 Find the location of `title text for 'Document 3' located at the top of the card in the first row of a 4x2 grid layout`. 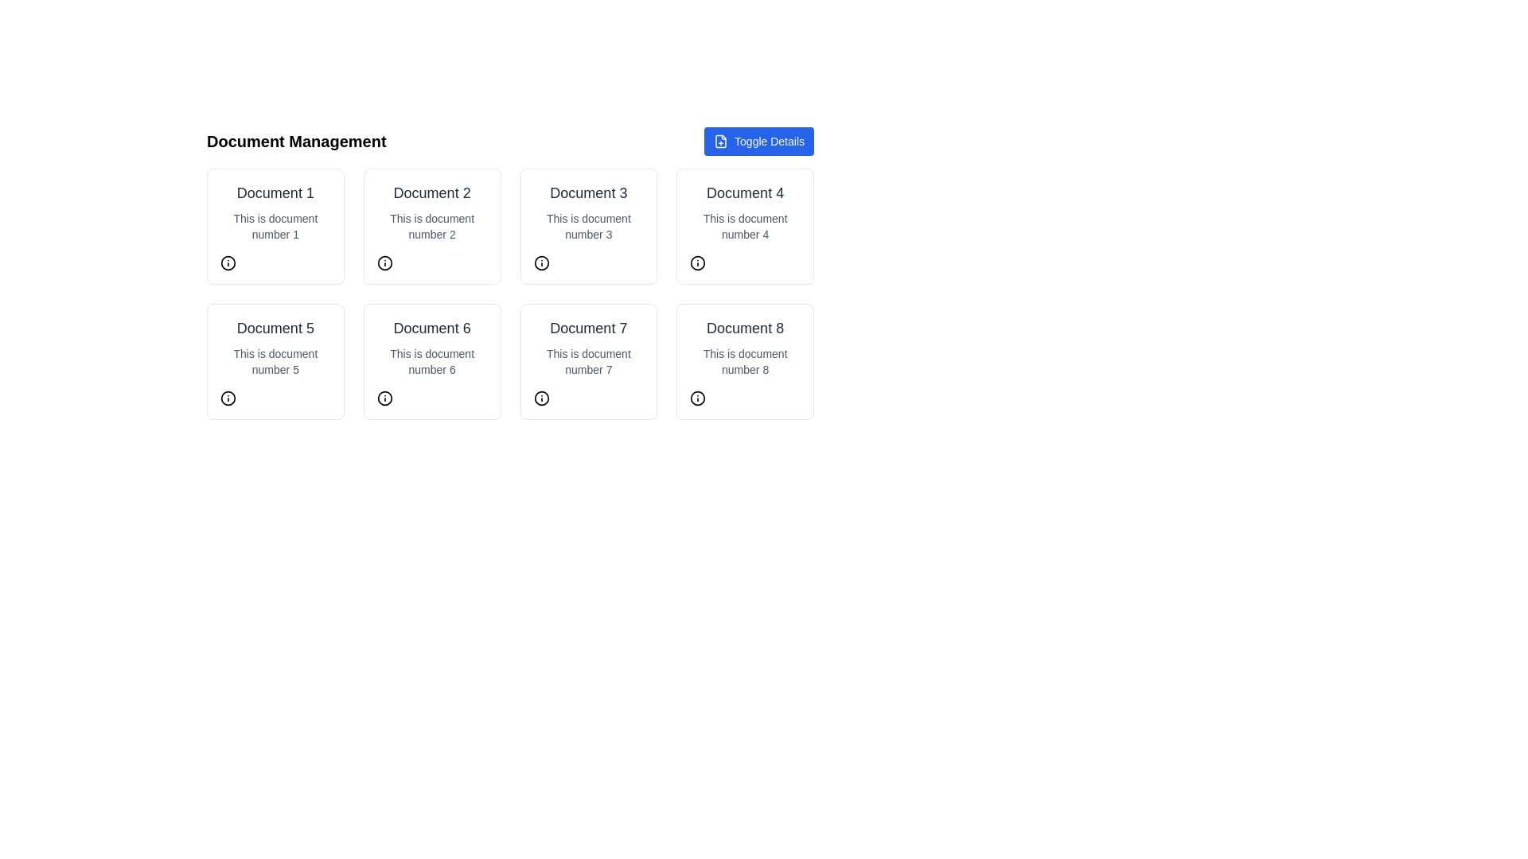

title text for 'Document 3' located at the top of the card in the first row of a 4x2 grid layout is located at coordinates (587, 192).